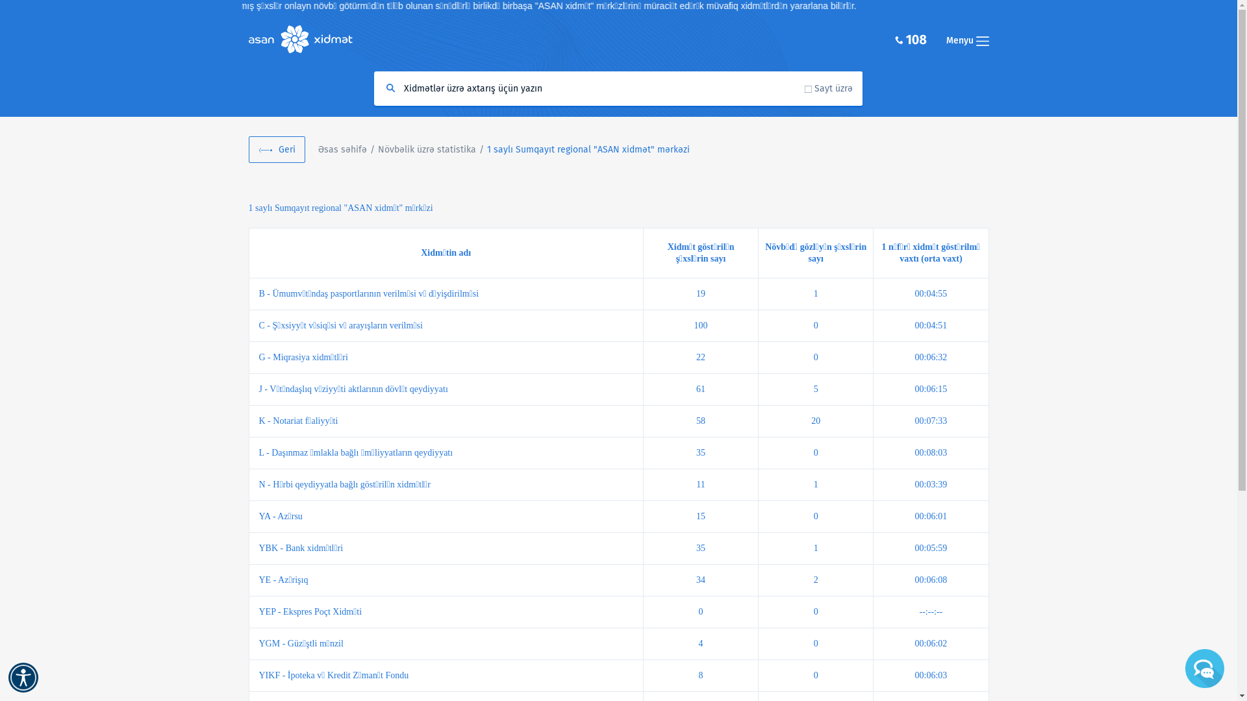  Describe the element at coordinates (966, 39) in the screenshot. I see `'Menyu'` at that location.